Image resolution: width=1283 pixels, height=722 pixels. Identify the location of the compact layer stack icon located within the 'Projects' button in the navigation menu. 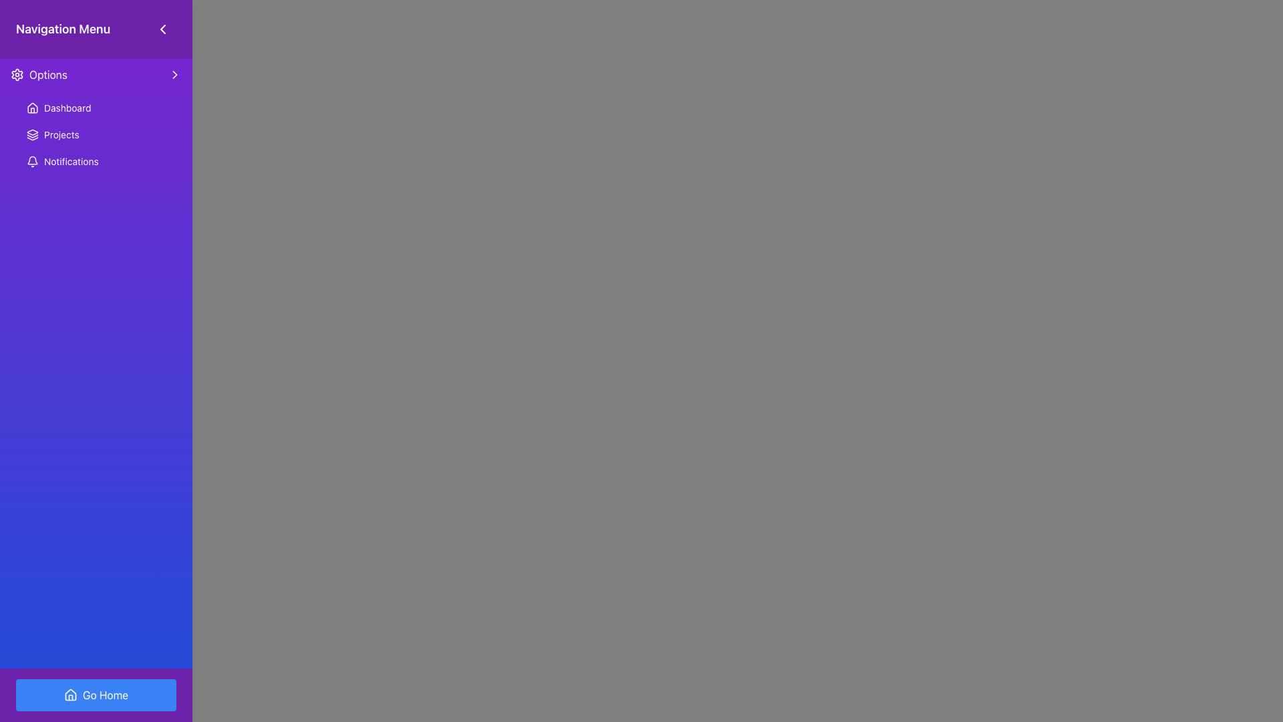
(32, 134).